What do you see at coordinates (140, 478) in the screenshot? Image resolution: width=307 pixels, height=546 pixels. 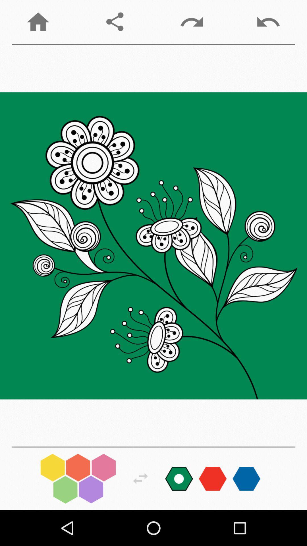 I see `review` at bounding box center [140, 478].